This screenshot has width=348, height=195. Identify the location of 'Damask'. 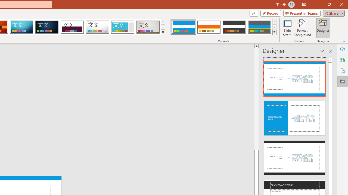
(47, 27).